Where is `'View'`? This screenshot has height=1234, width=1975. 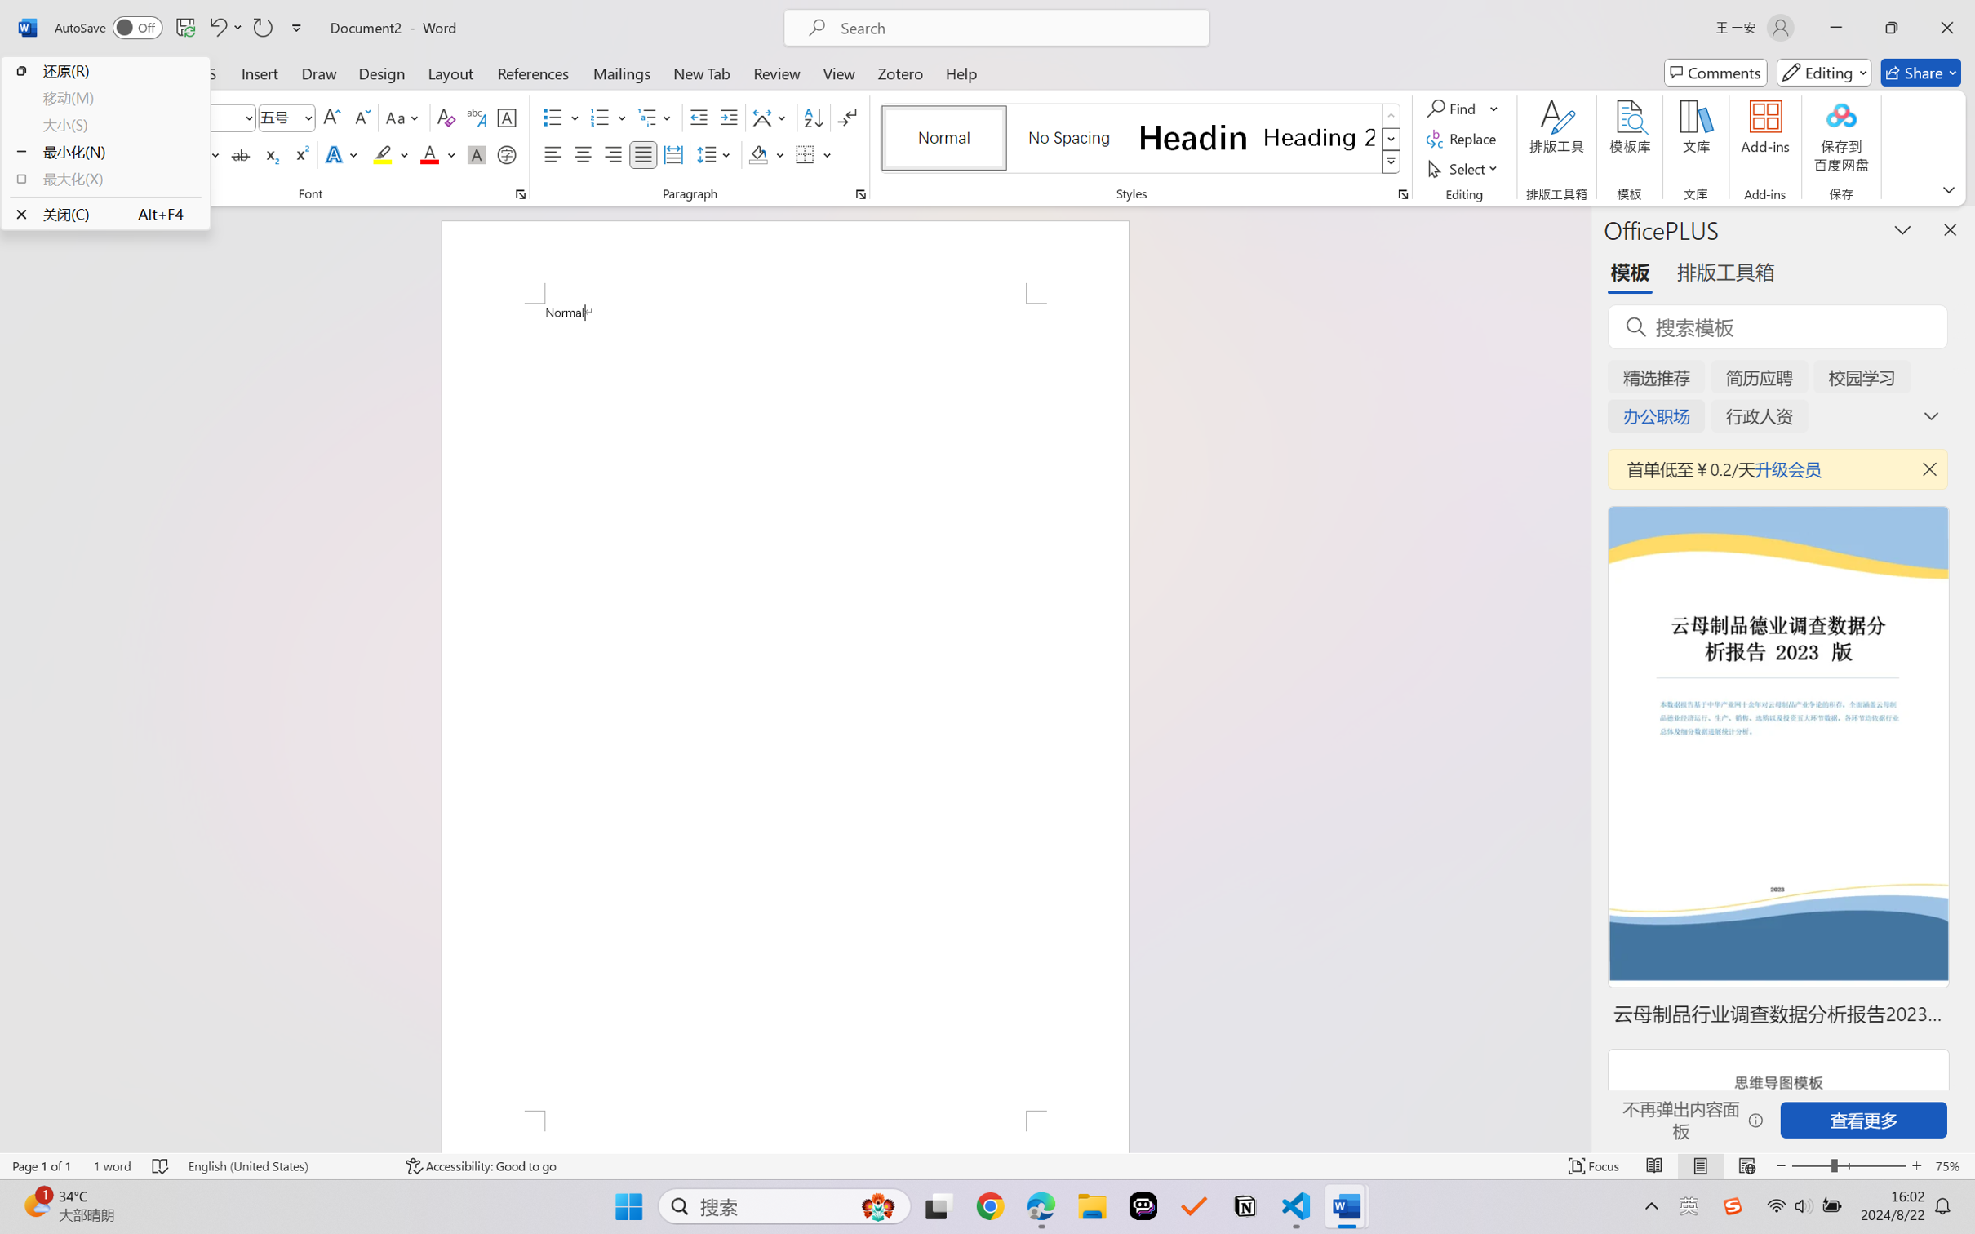 'View' is located at coordinates (839, 72).